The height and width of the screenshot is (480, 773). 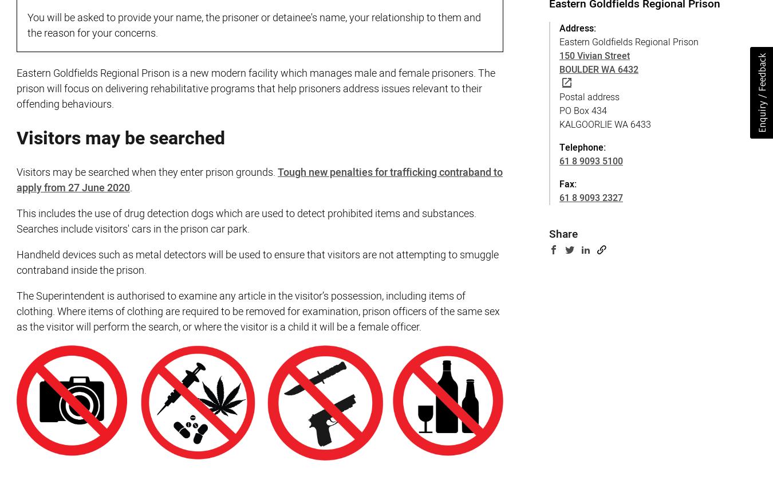 I want to click on 'Postal address', so click(x=589, y=97).